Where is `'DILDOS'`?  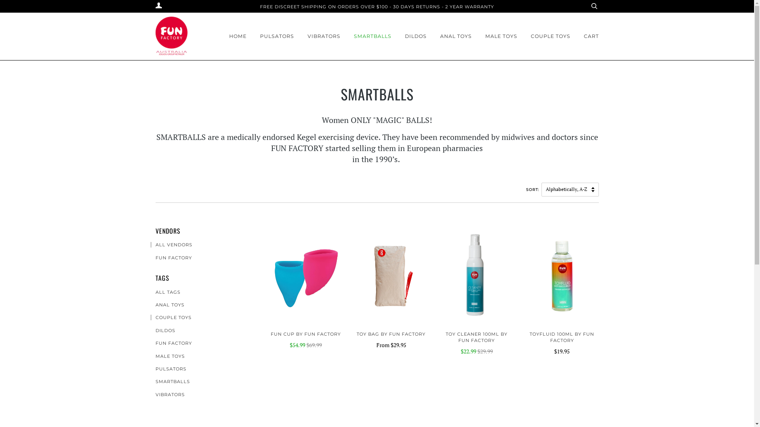
'DILDOS' is located at coordinates (150, 331).